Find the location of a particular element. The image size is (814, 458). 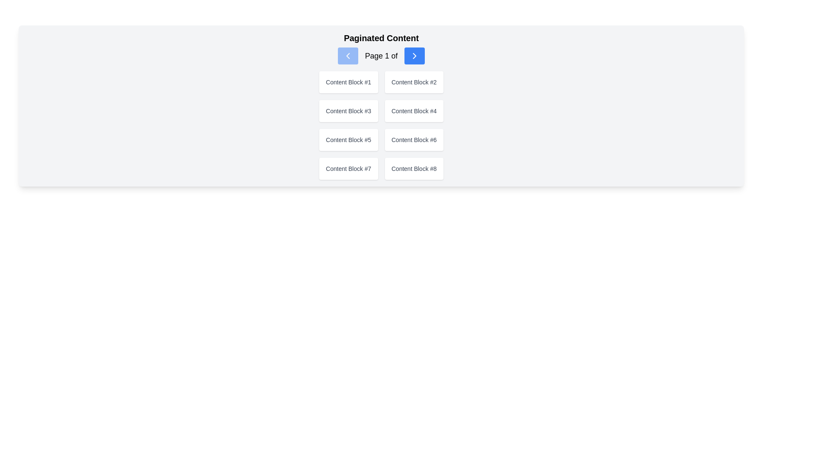

text label located in the first content block of the grid layout under the 'Paginated Content' title, positioned at the top-left corner of the grid is located at coordinates (348, 82).